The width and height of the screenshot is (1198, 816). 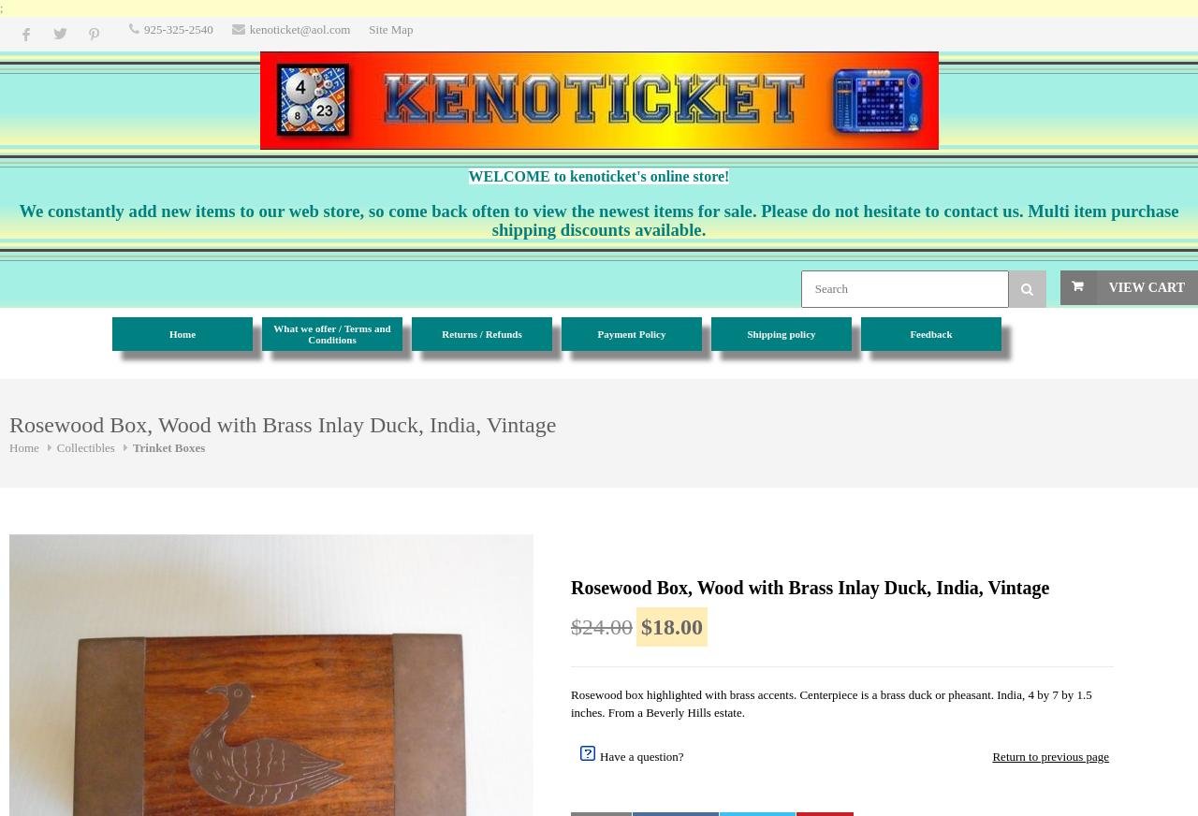 What do you see at coordinates (641, 755) in the screenshot?
I see `'Have a question?'` at bounding box center [641, 755].